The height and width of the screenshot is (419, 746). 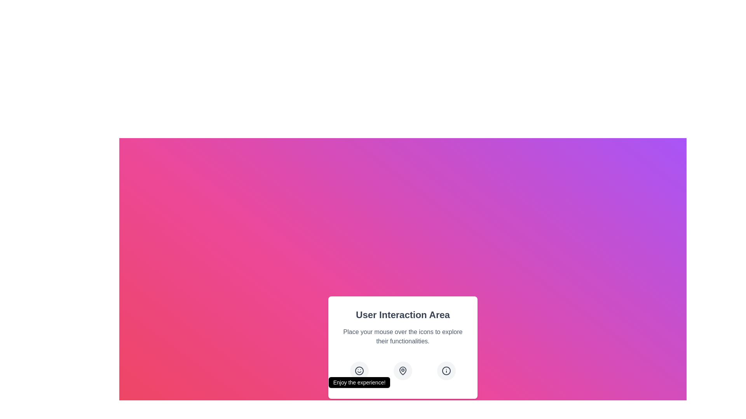 What do you see at coordinates (403, 371) in the screenshot?
I see `the middle icon in the three-item grid layout, which triggers a tooltip displaying 'Enjoy the experience!' when hovered over` at bounding box center [403, 371].